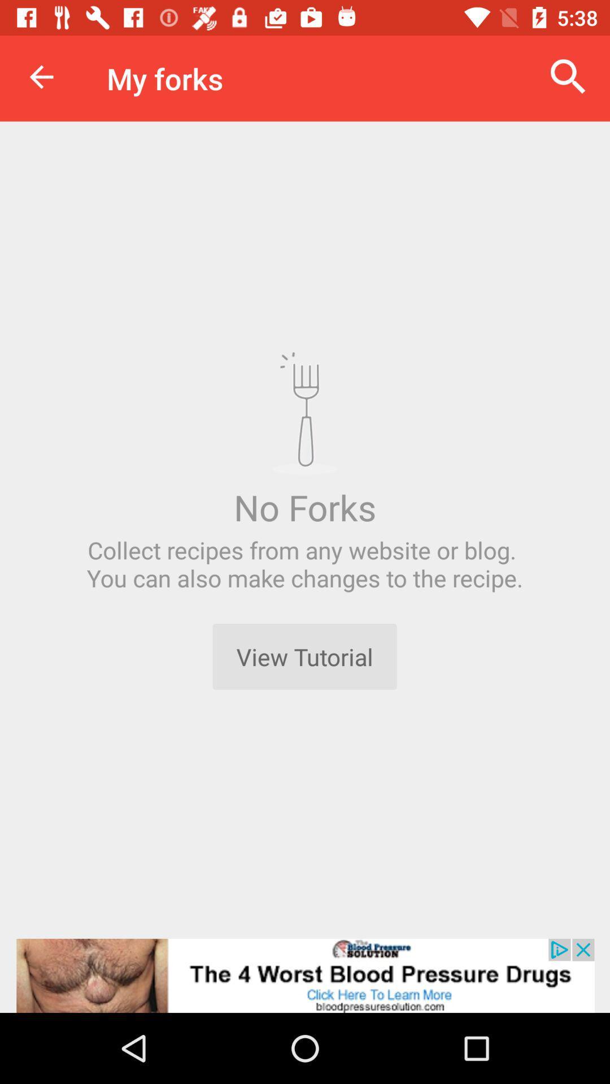 The width and height of the screenshot is (610, 1084). I want to click on open advertisement page, so click(305, 975).